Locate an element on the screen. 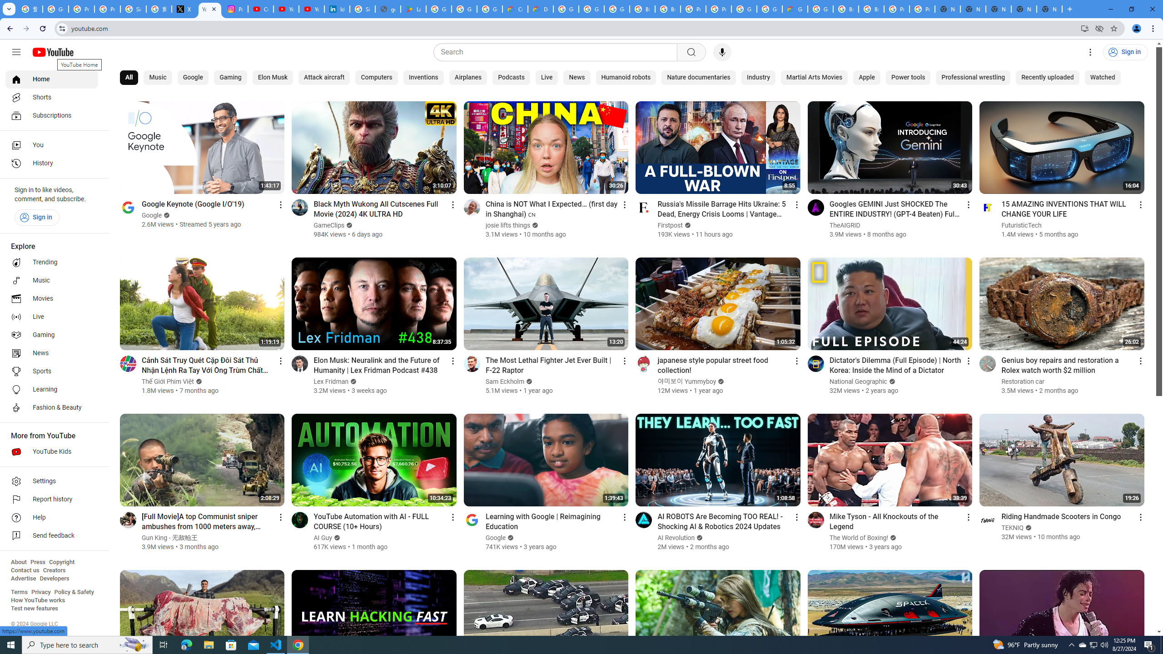 This screenshot has height=654, width=1163. 'The World of Boxing!' is located at coordinates (859, 537).